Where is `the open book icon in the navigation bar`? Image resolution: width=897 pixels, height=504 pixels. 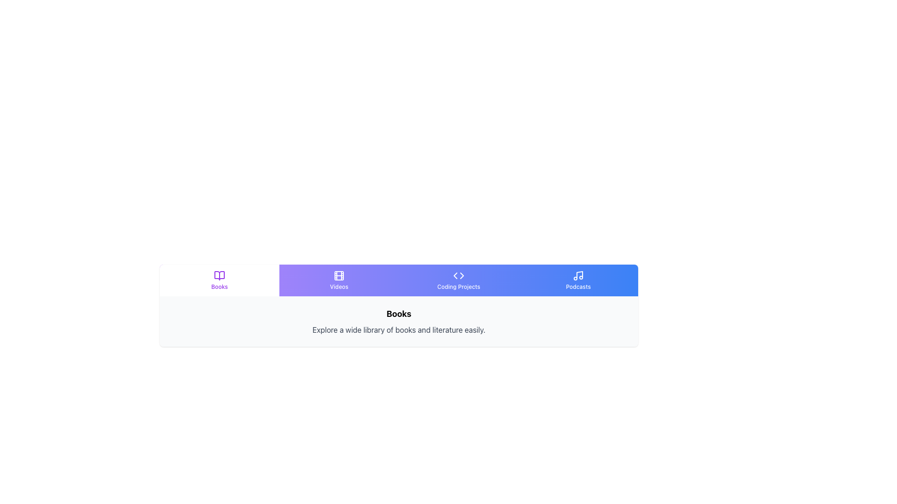 the open book icon in the navigation bar is located at coordinates (219, 275).